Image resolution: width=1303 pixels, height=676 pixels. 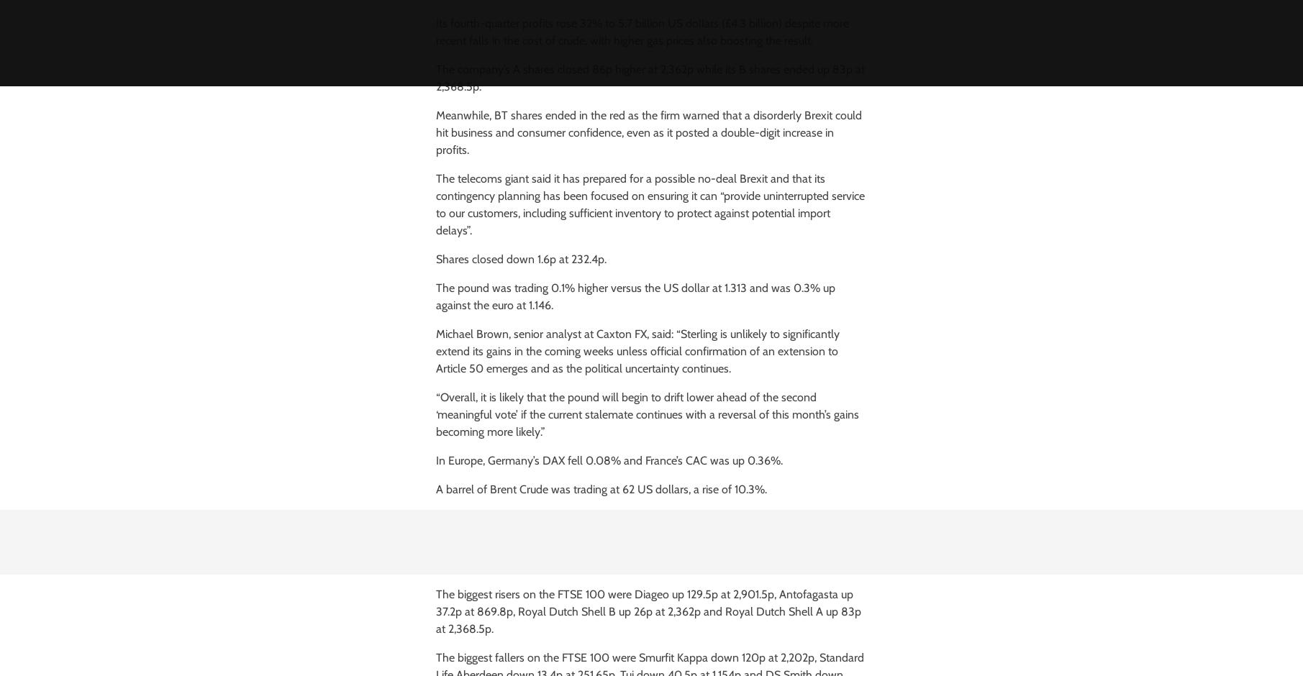 What do you see at coordinates (435, 488) in the screenshot?
I see `'A barrel of Brent Crude was trading at 62 US dollars, a rise of 10.3%.'` at bounding box center [435, 488].